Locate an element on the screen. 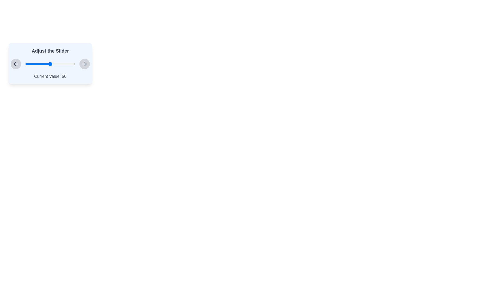 The height and width of the screenshot is (281, 500). slider value is located at coordinates (35, 64).